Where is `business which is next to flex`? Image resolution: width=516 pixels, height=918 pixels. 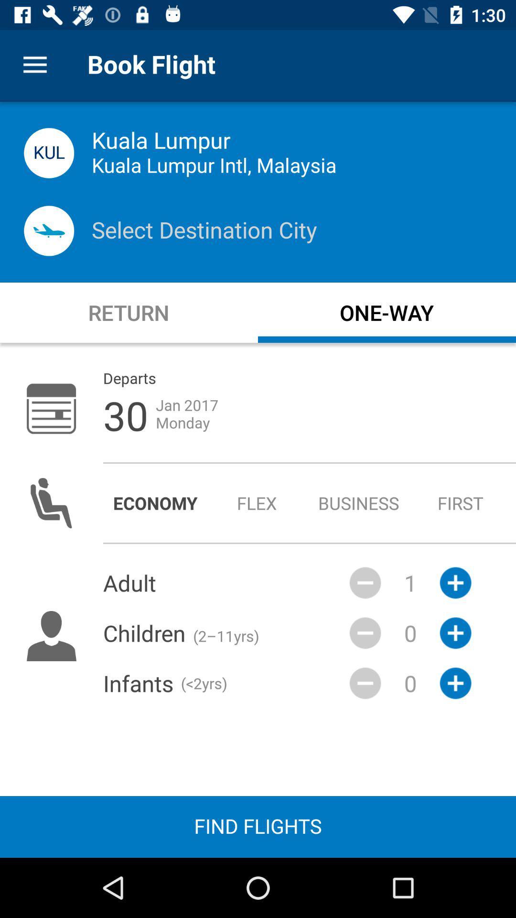 business which is next to flex is located at coordinates (359, 503).